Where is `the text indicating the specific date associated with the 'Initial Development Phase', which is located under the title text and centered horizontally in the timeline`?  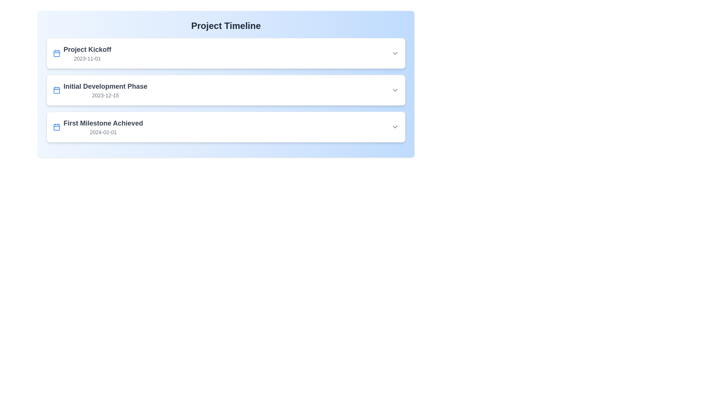
the text indicating the specific date associated with the 'Initial Development Phase', which is located under the title text and centered horizontally in the timeline is located at coordinates (105, 95).